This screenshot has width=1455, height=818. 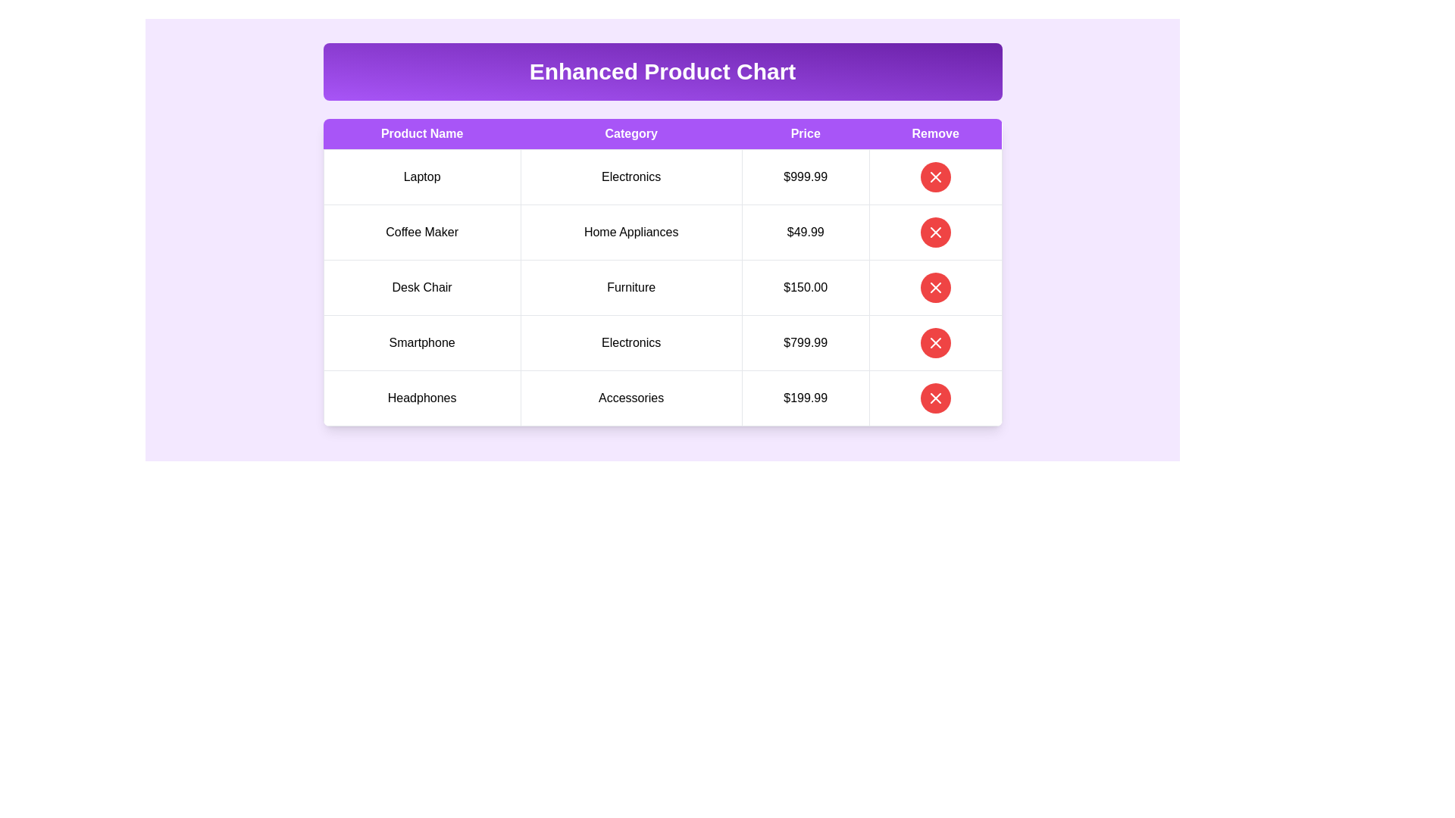 What do you see at coordinates (805, 233) in the screenshot?
I see `the static text displaying the price '$49.99' in the 'Price' column of the second row for the product 'Coffee Maker'` at bounding box center [805, 233].